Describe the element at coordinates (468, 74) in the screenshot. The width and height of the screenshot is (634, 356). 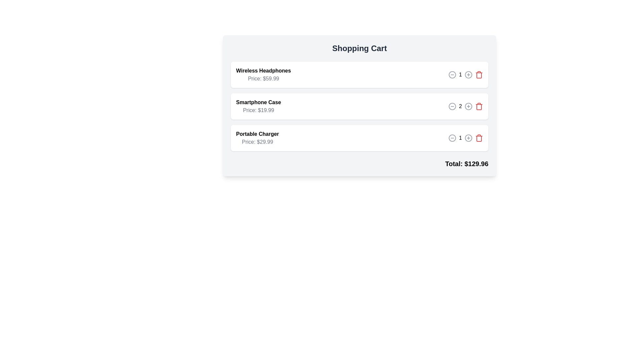
I see `plus button for the item identified by Wireless Headphones` at that location.